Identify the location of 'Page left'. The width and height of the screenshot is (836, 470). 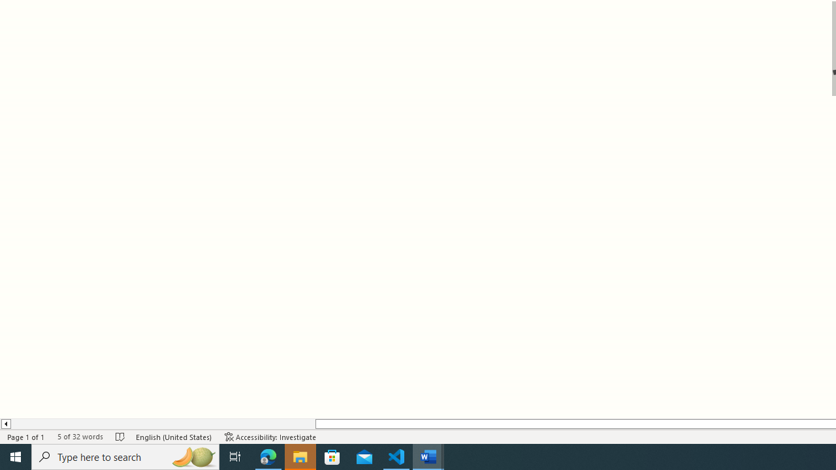
(162, 424).